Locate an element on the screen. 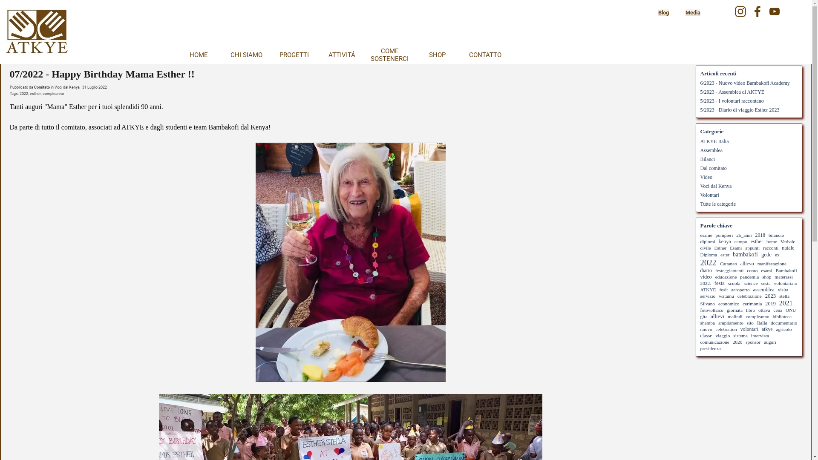 This screenshot has height=460, width=818. 'CONTATTO' is located at coordinates (484, 55).